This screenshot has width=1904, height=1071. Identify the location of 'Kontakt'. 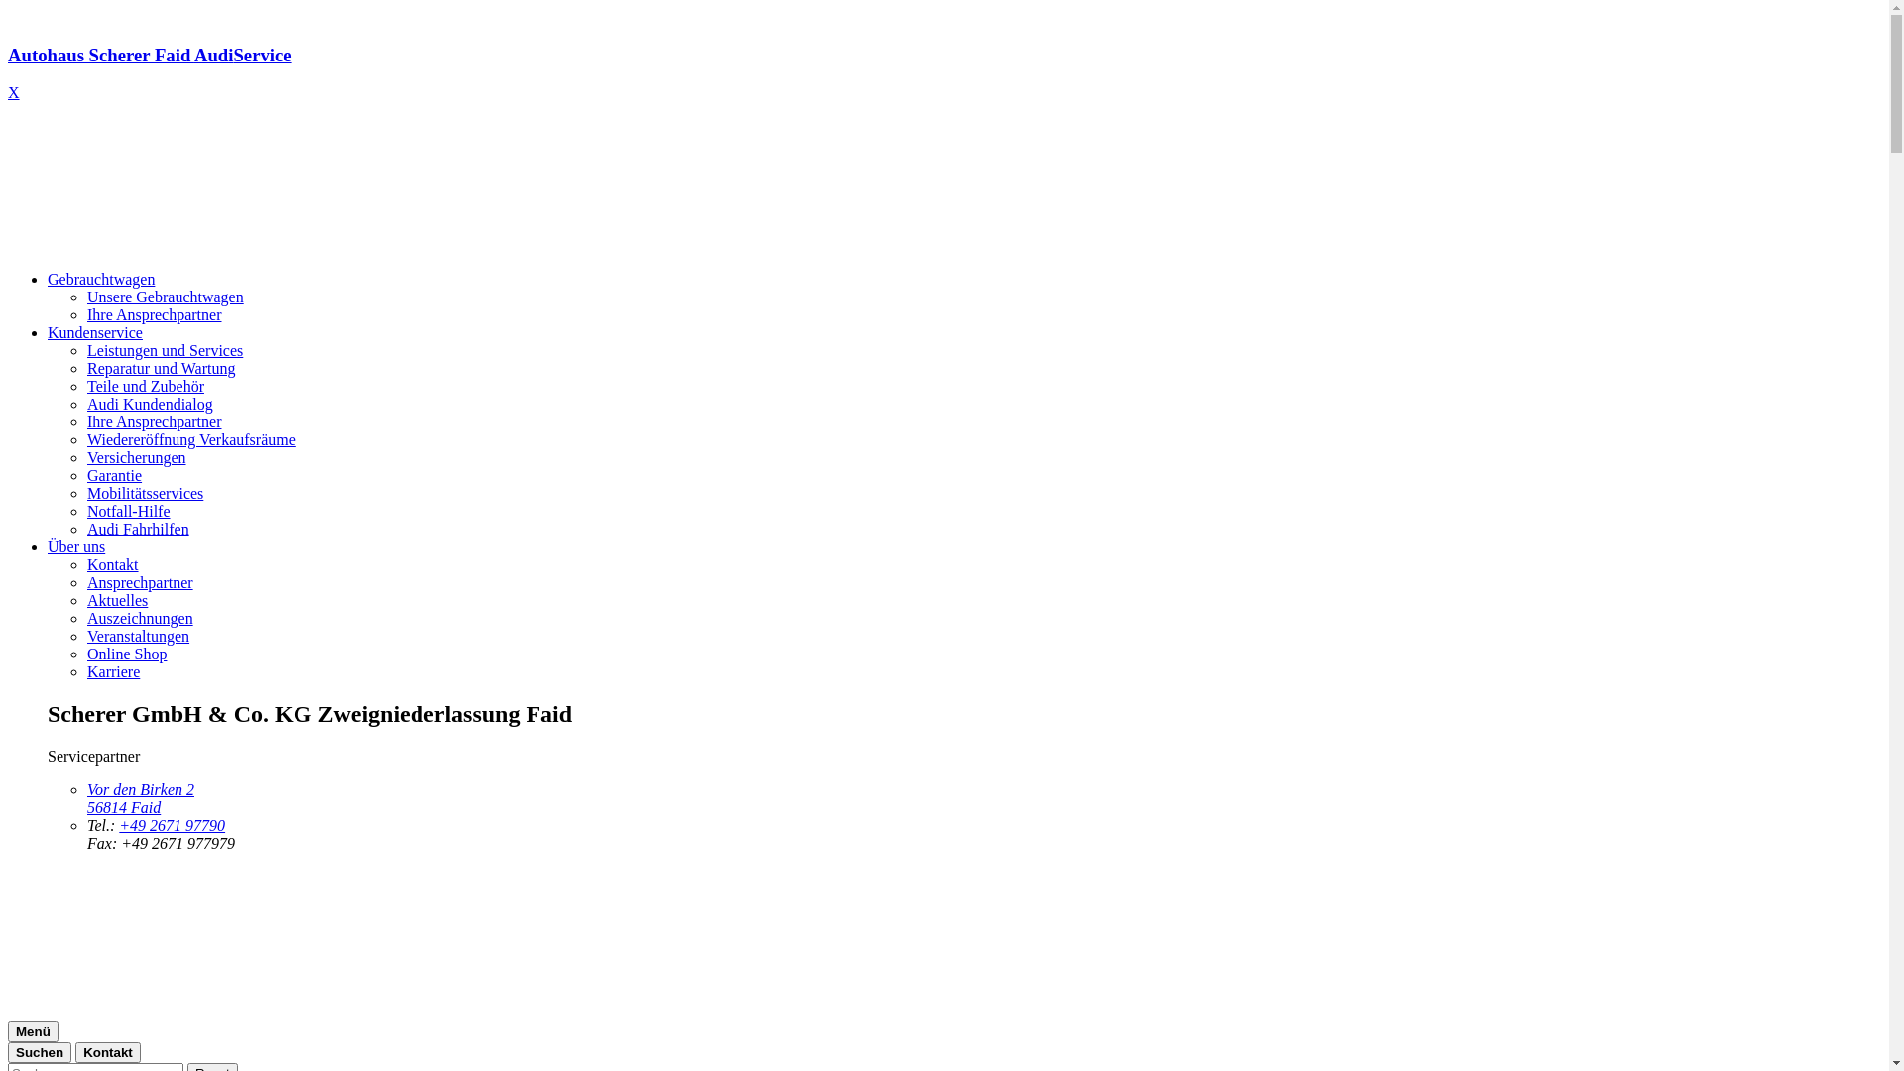
(112, 564).